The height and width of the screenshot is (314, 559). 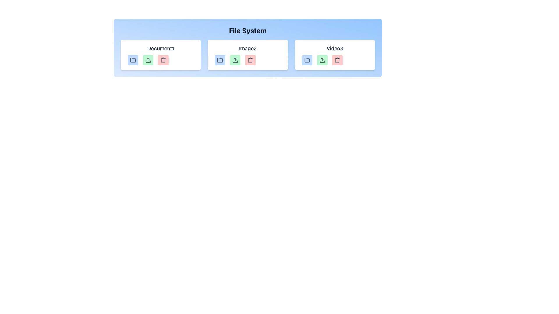 I want to click on the upload icon on the 'Image2' card in the file system interface, which is positioned centrally between 'Document1' and 'Video3' below the heading 'File System', so click(x=248, y=55).